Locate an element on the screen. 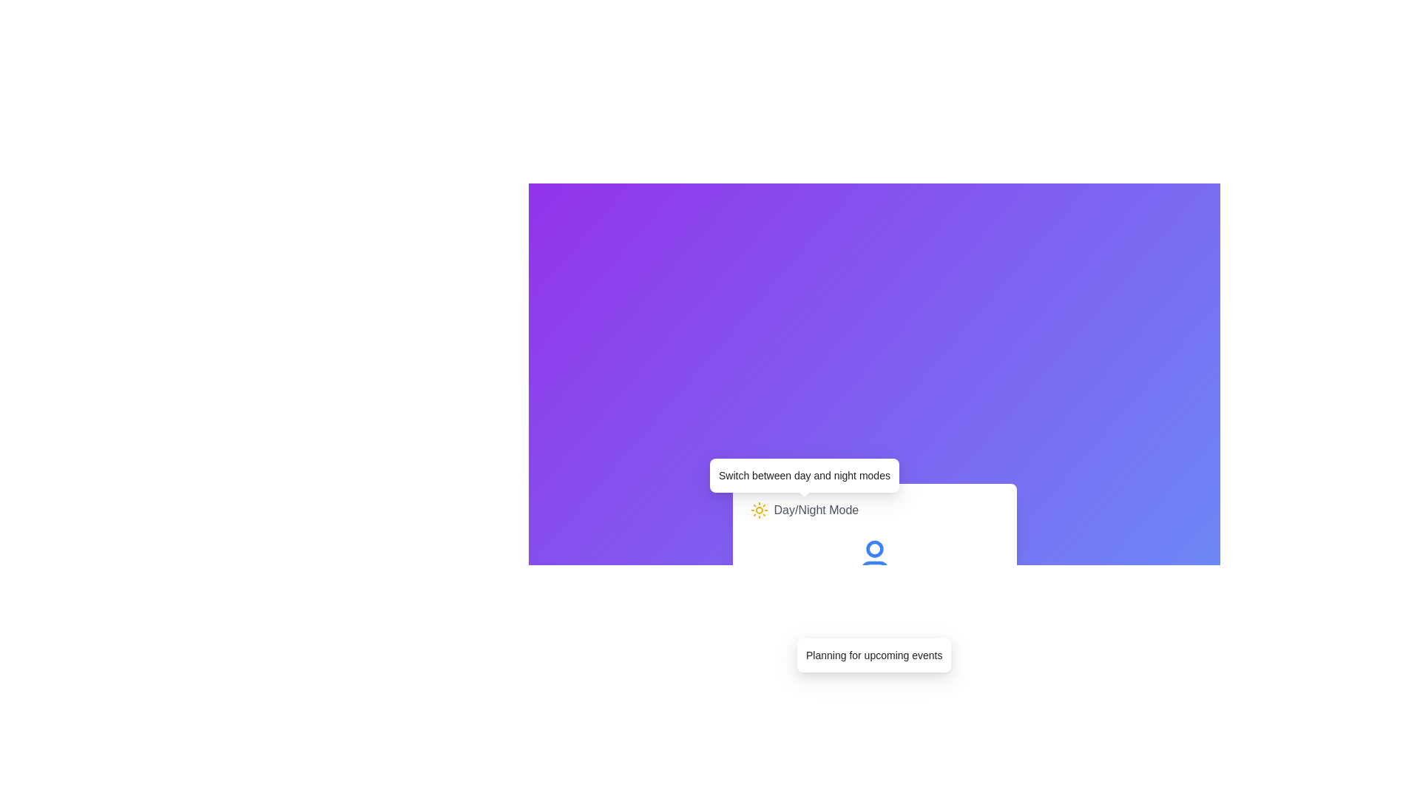  'Day/Night Mode' toggle icon located to the immediate left of the text, for accessibility purposes is located at coordinates (759, 510).